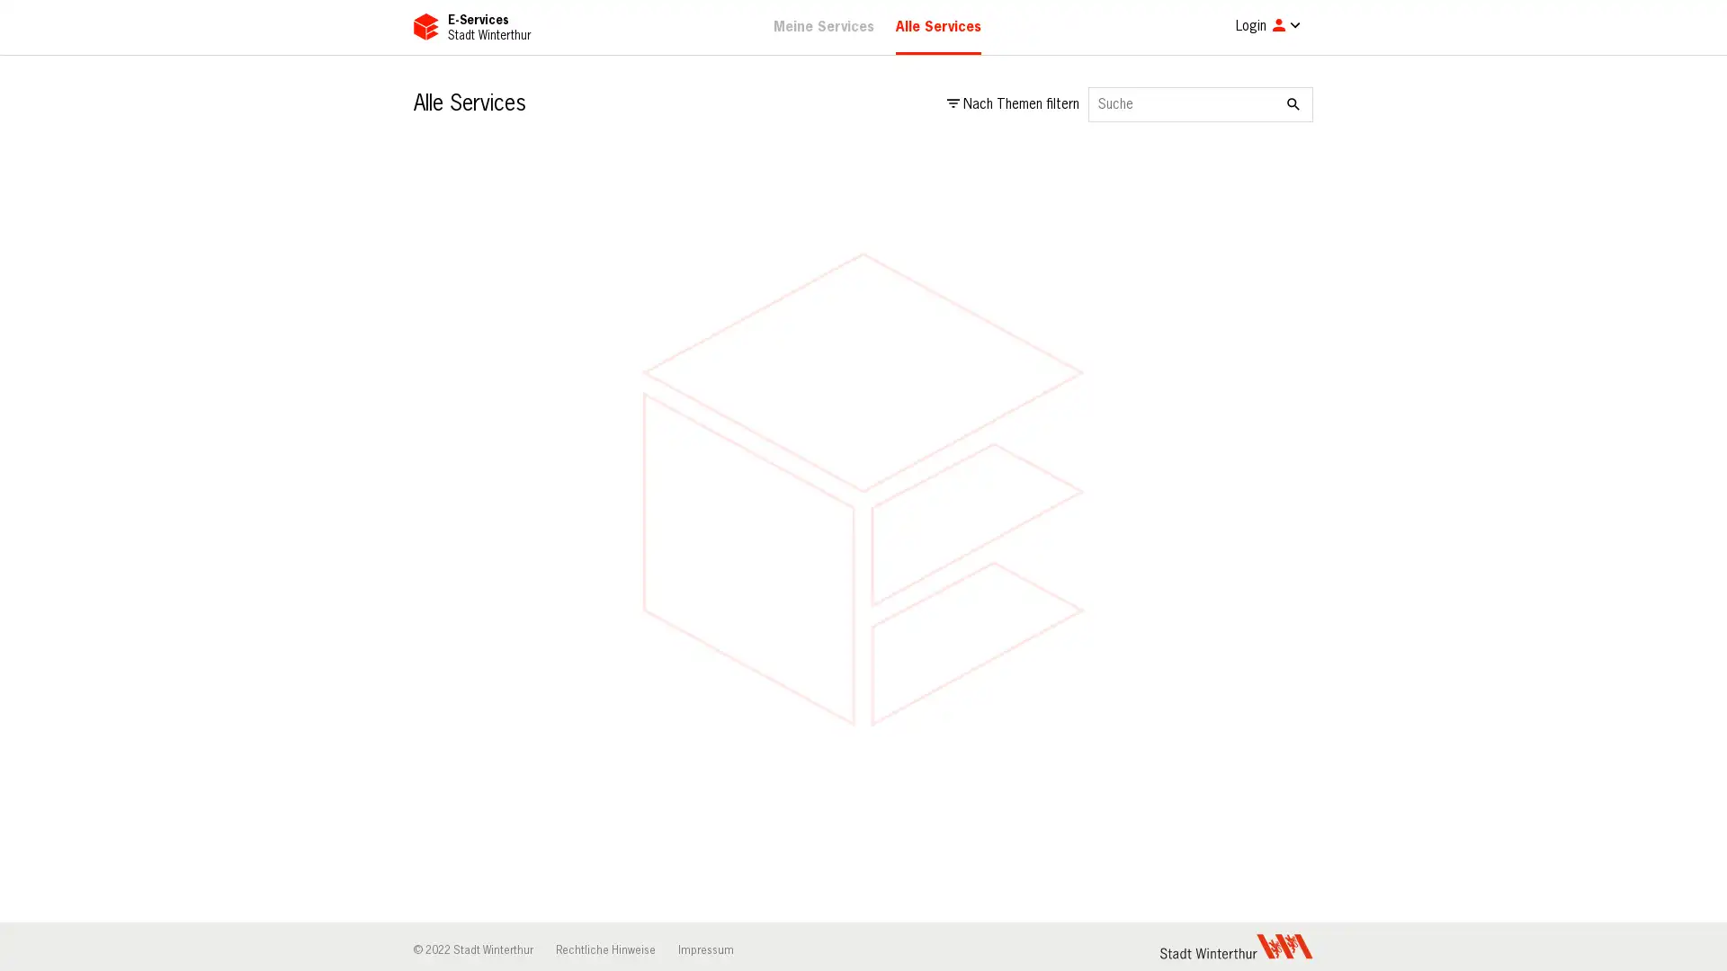  What do you see at coordinates (980, 183) in the screenshot?
I see `Service Adressanderung zu Meine Services hinzufugen` at bounding box center [980, 183].